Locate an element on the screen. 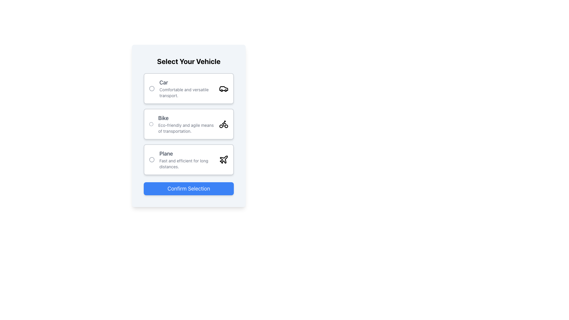 The image size is (569, 320). the SVG circle element that indicates the unselected state of the 'Plane' option in the selection list is located at coordinates (152, 159).